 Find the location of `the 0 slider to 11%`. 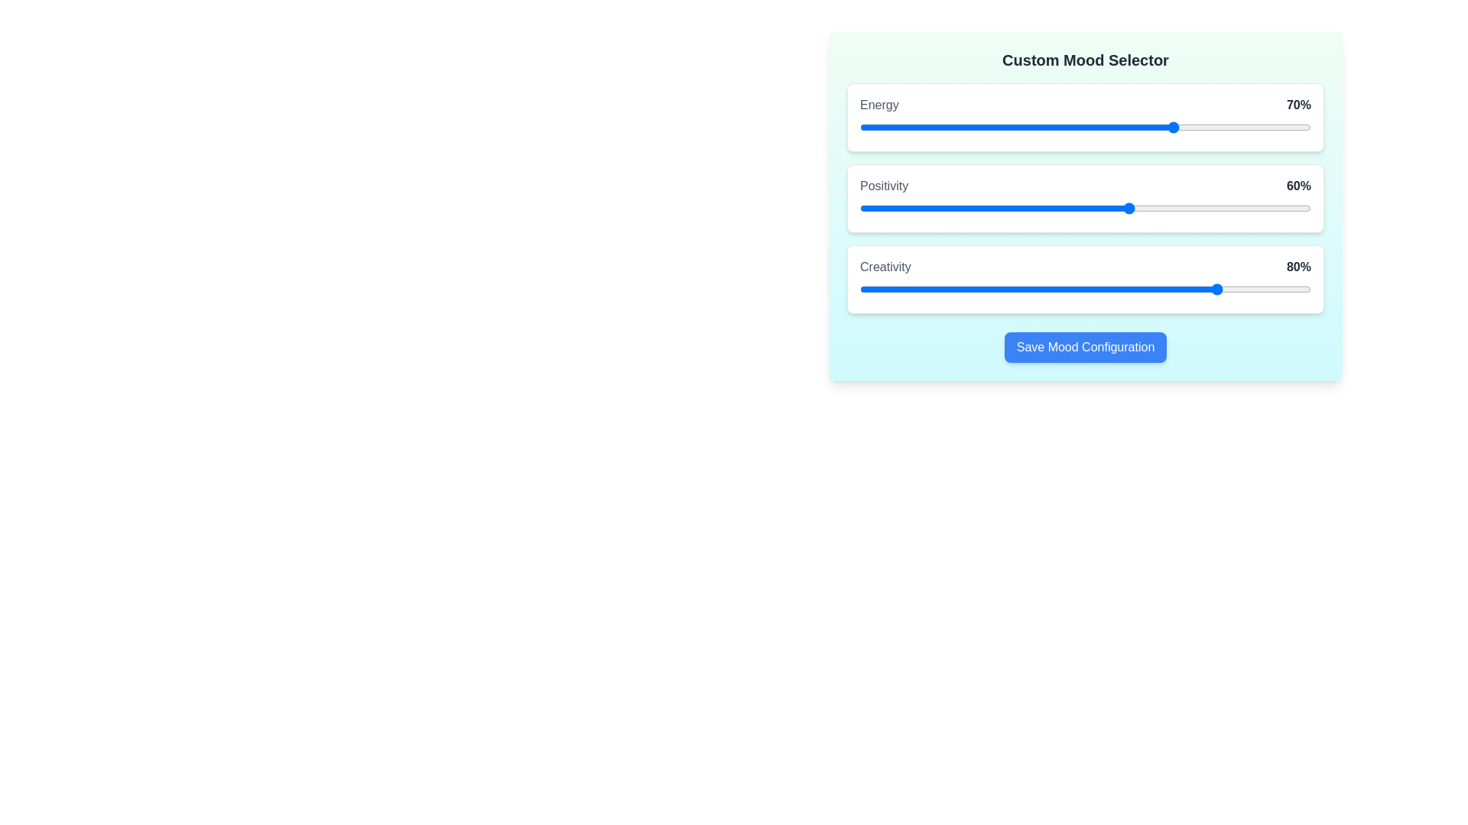

the 0 slider to 11% is located at coordinates (909, 126).